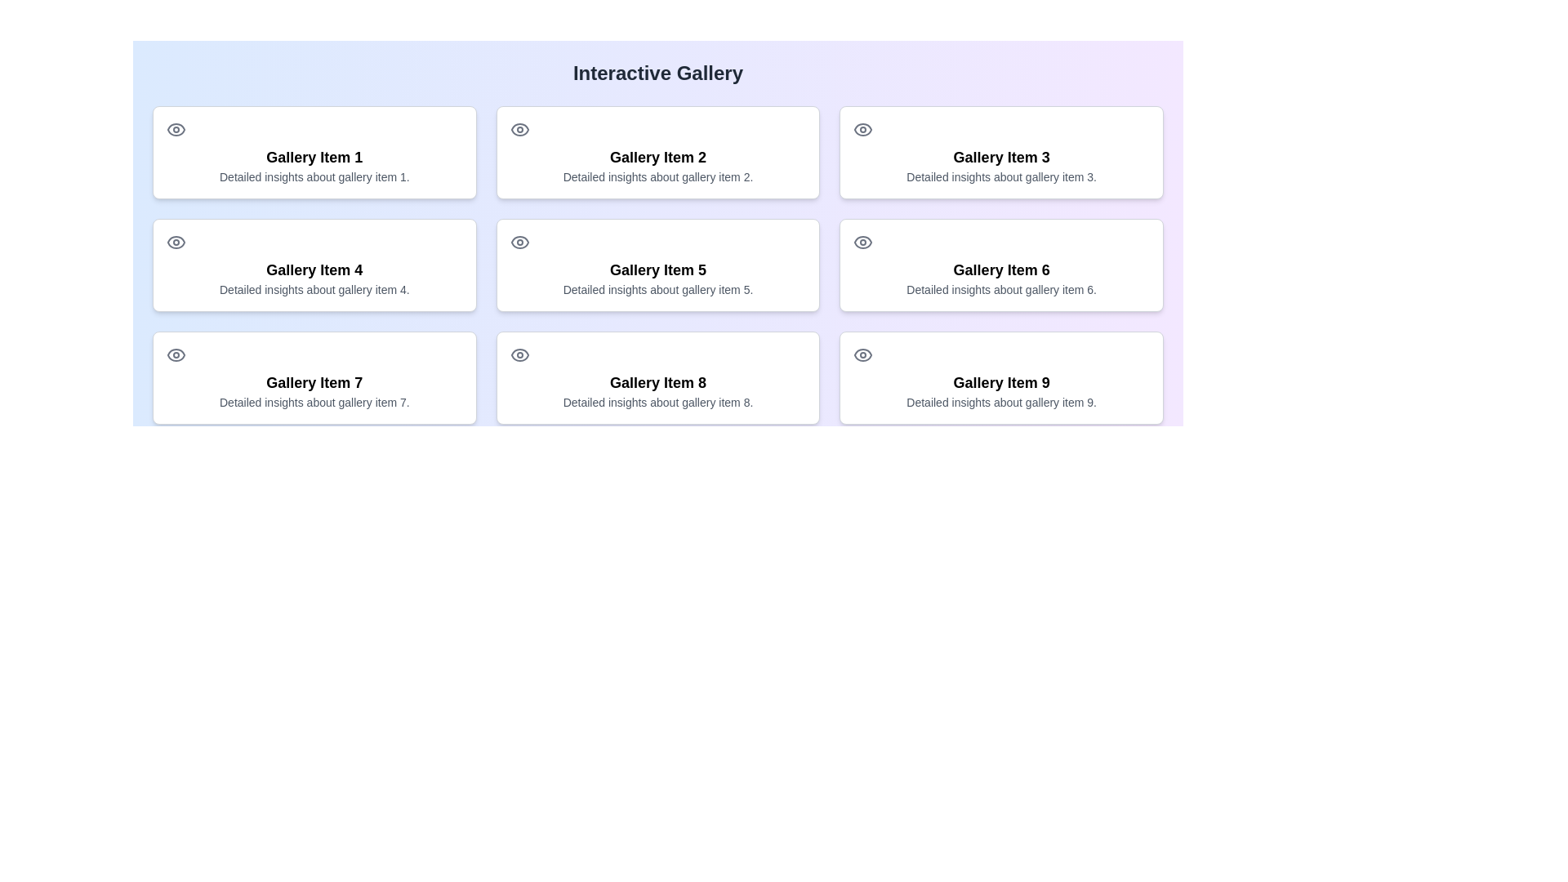 The width and height of the screenshot is (1568, 882). What do you see at coordinates (1000, 288) in the screenshot?
I see `the text element that provides detailed insights about 'Gallery Item 6', located beneath the card's title text in the middle column of the second row of the gallery grid` at bounding box center [1000, 288].